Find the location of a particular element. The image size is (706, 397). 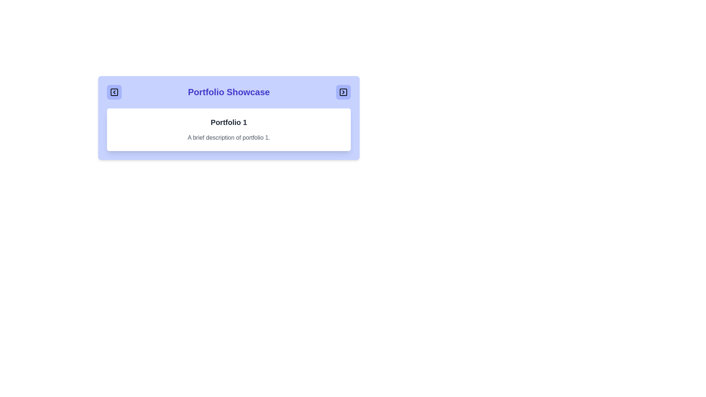

the 'next' button located on the far-right side of the horizontal toolbar below the 'Portfolio Showcase' text is located at coordinates (343, 92).